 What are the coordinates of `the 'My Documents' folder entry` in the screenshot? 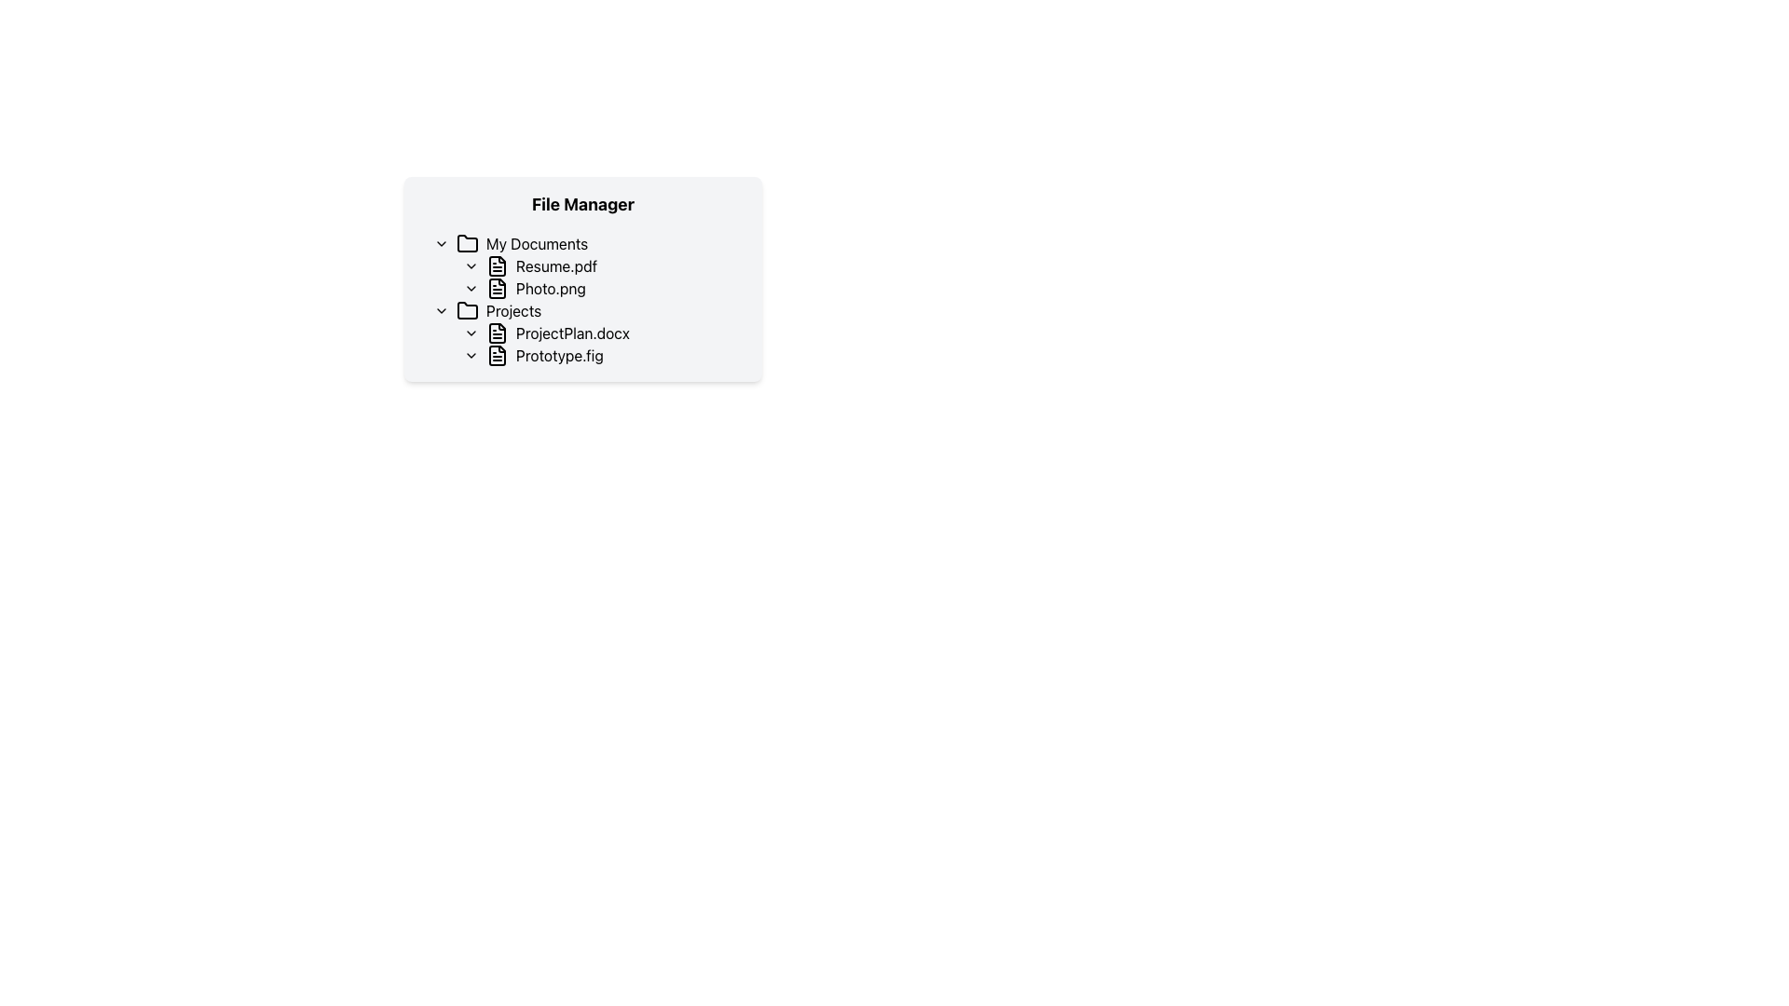 It's located at (589, 243).